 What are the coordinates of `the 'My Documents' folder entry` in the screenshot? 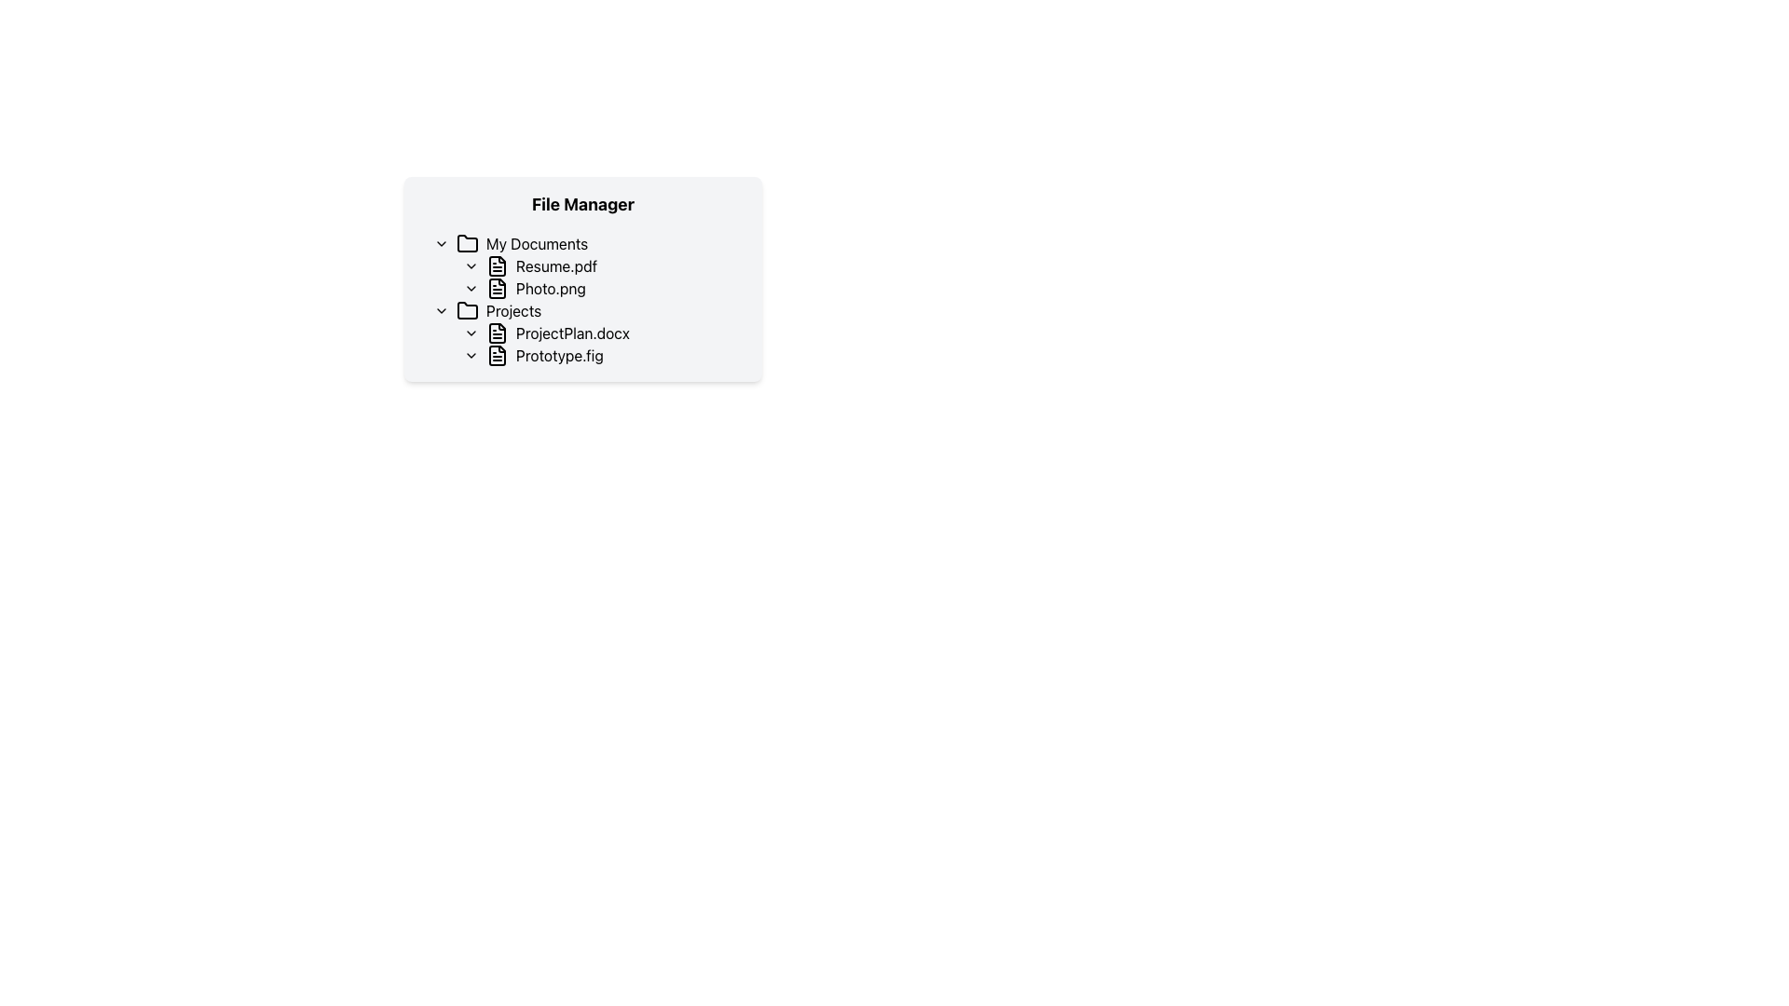 It's located at (589, 243).